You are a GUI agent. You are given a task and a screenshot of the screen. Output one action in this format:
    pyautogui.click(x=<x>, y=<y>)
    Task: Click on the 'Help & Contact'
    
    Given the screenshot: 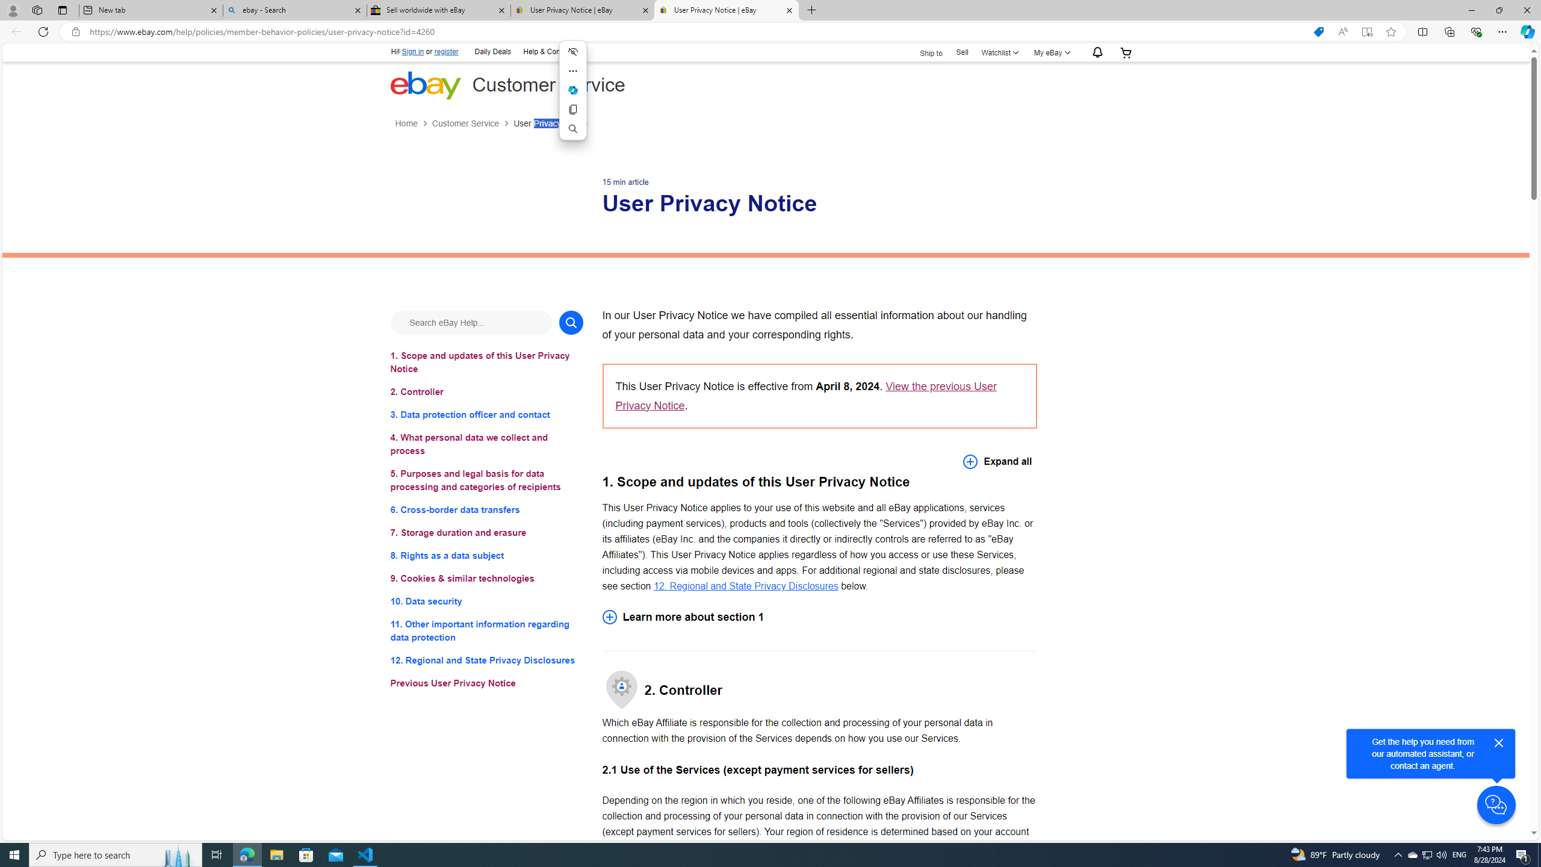 What is the action you would take?
    pyautogui.click(x=547, y=51)
    